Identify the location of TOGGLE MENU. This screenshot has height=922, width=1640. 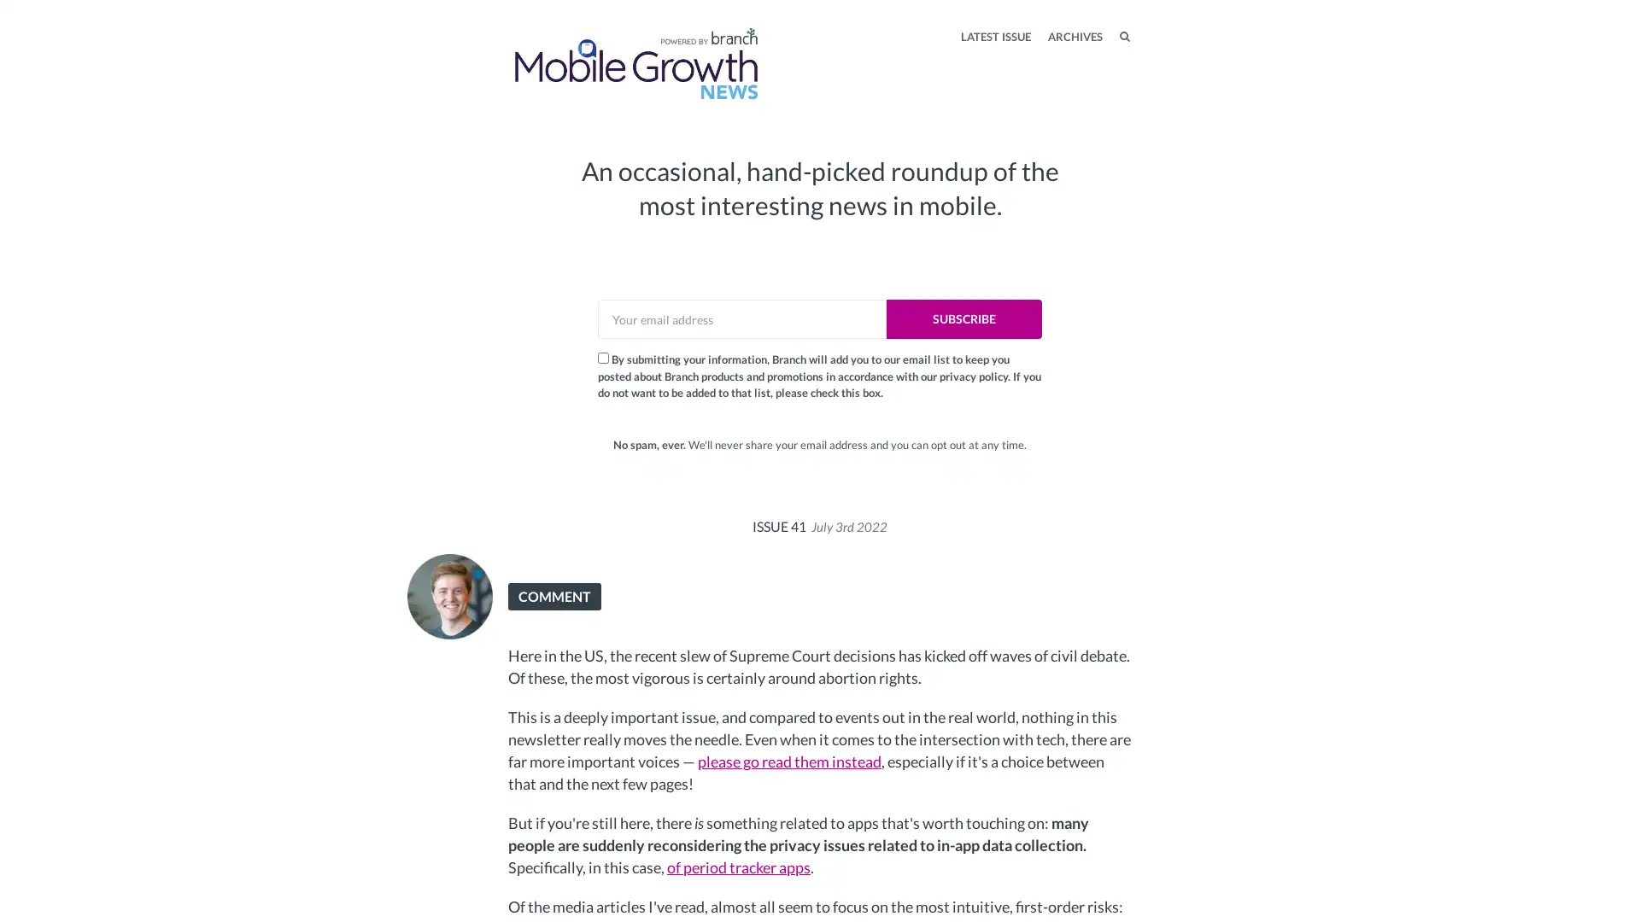
(511, 3).